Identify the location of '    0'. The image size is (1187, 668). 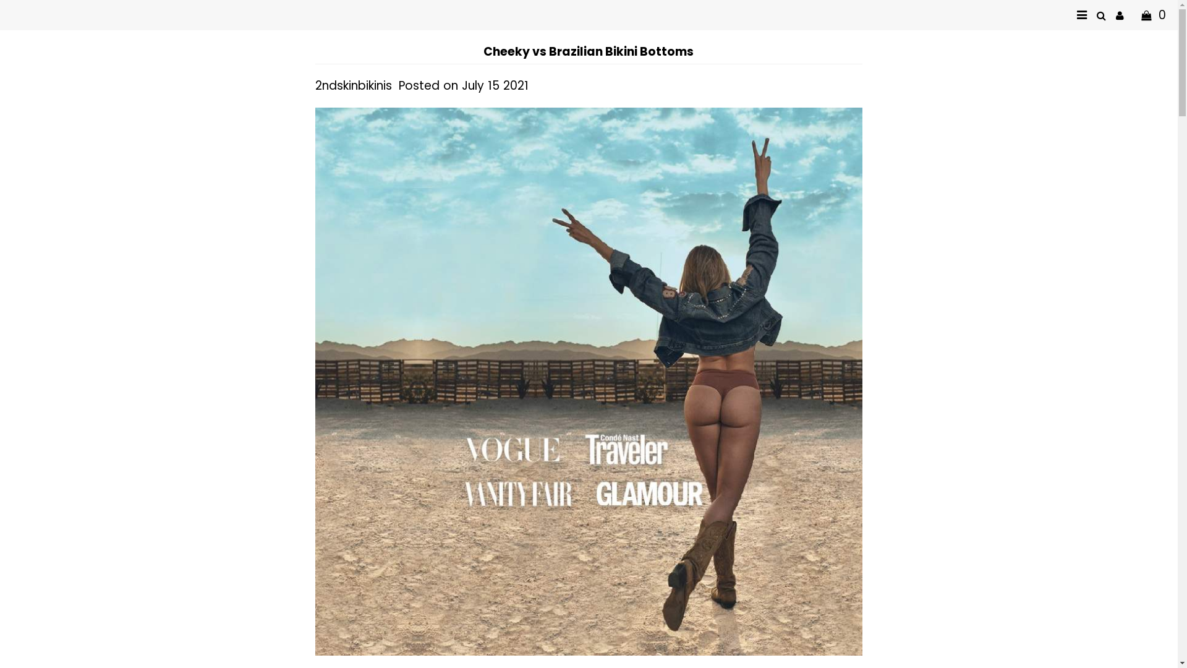
(1133, 15).